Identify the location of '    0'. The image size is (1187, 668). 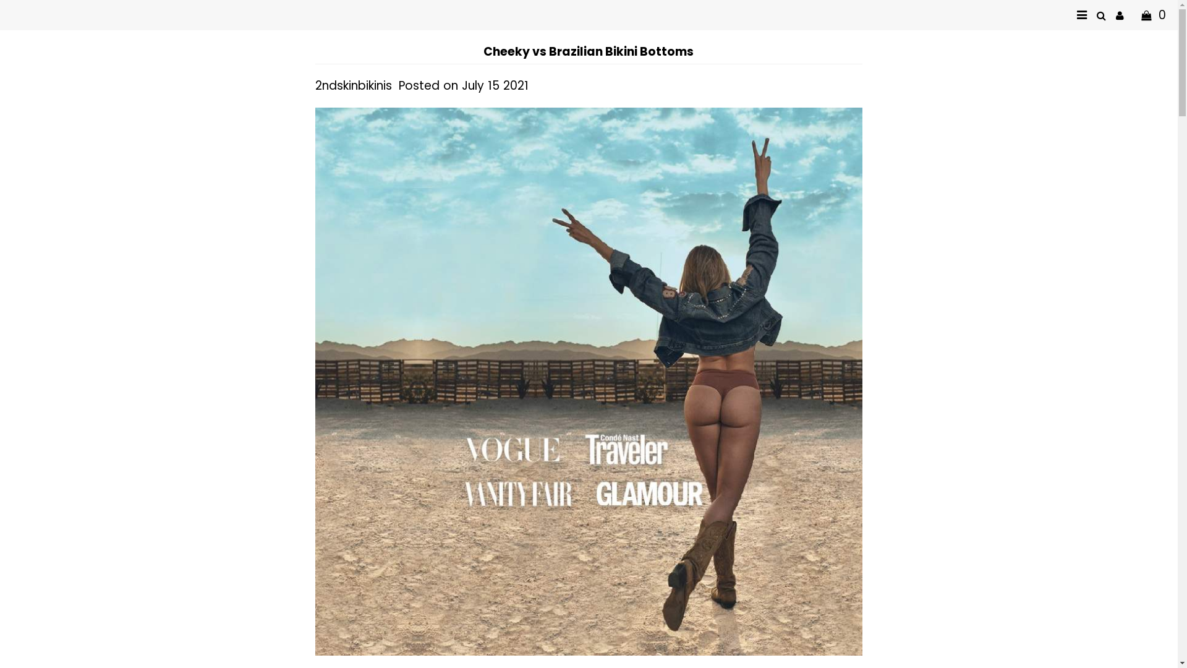
(1133, 15).